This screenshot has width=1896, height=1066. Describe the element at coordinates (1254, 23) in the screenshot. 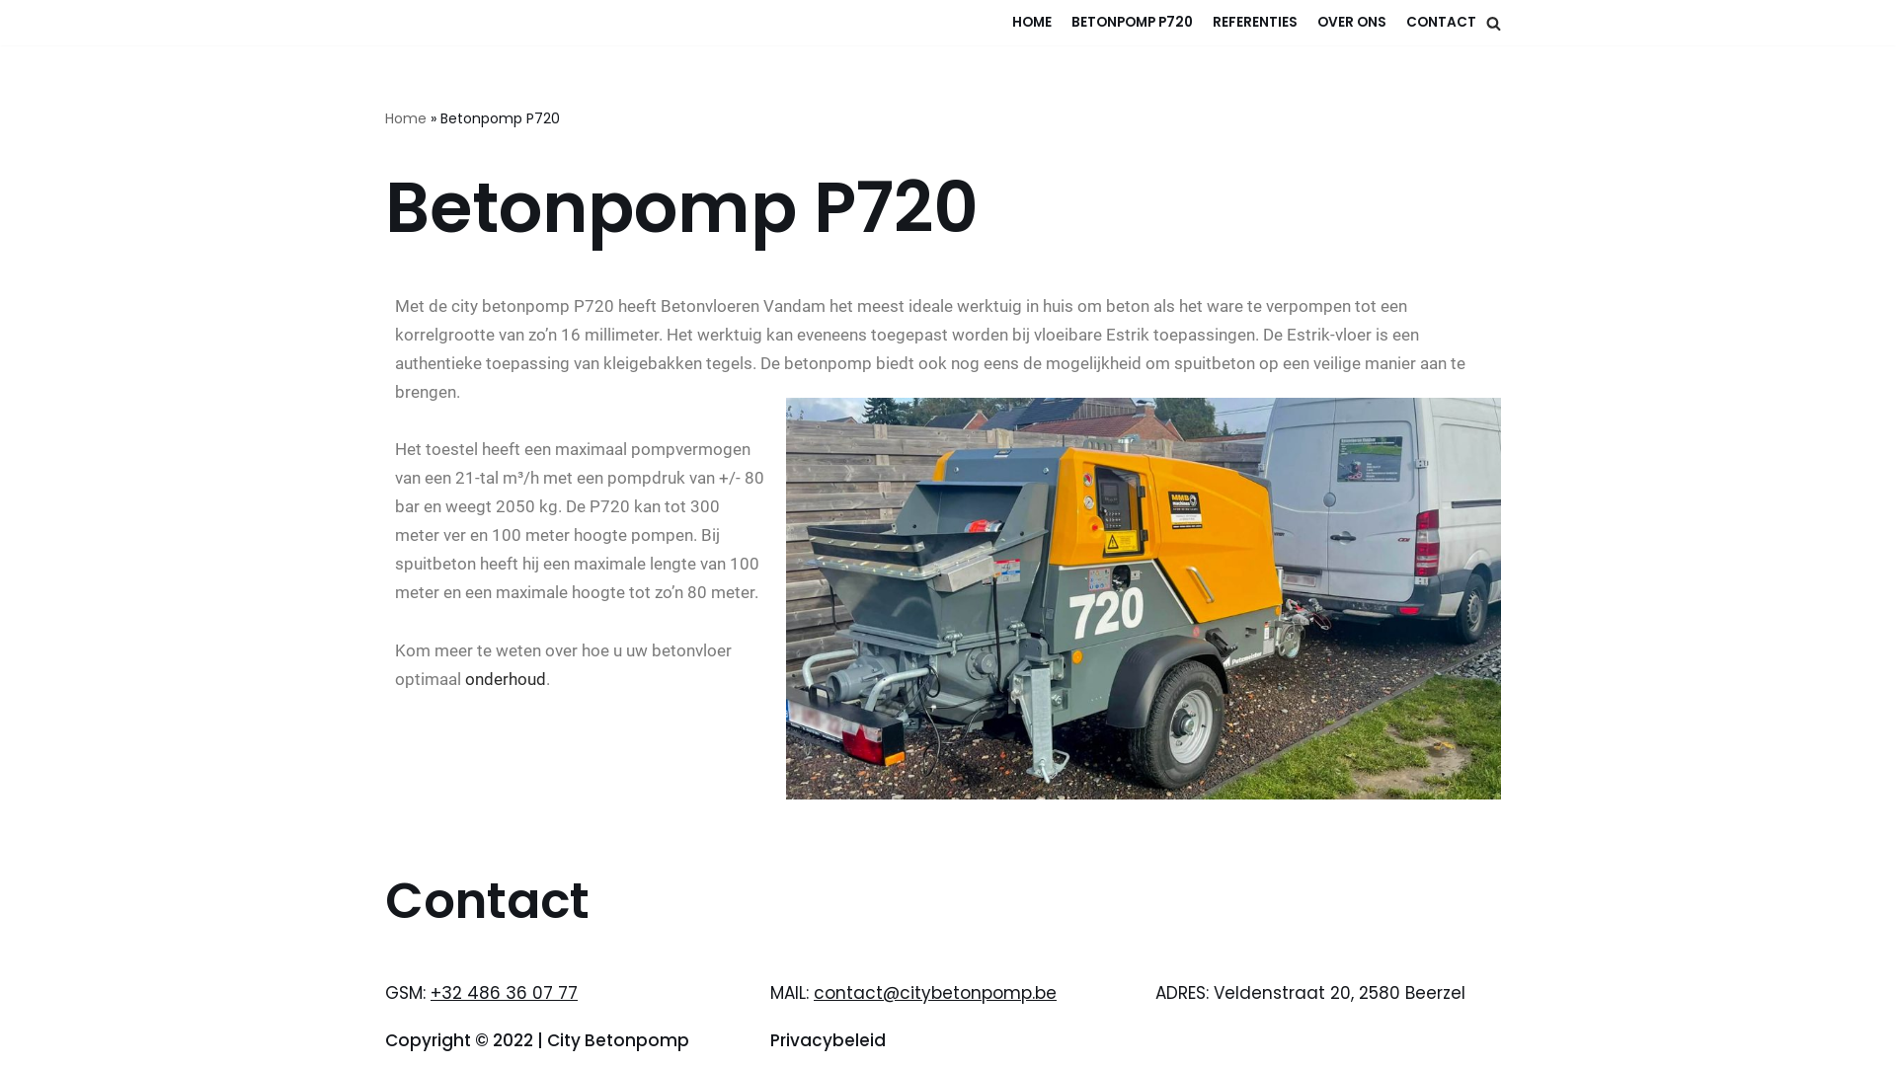

I see `'REFERENTIES'` at that location.